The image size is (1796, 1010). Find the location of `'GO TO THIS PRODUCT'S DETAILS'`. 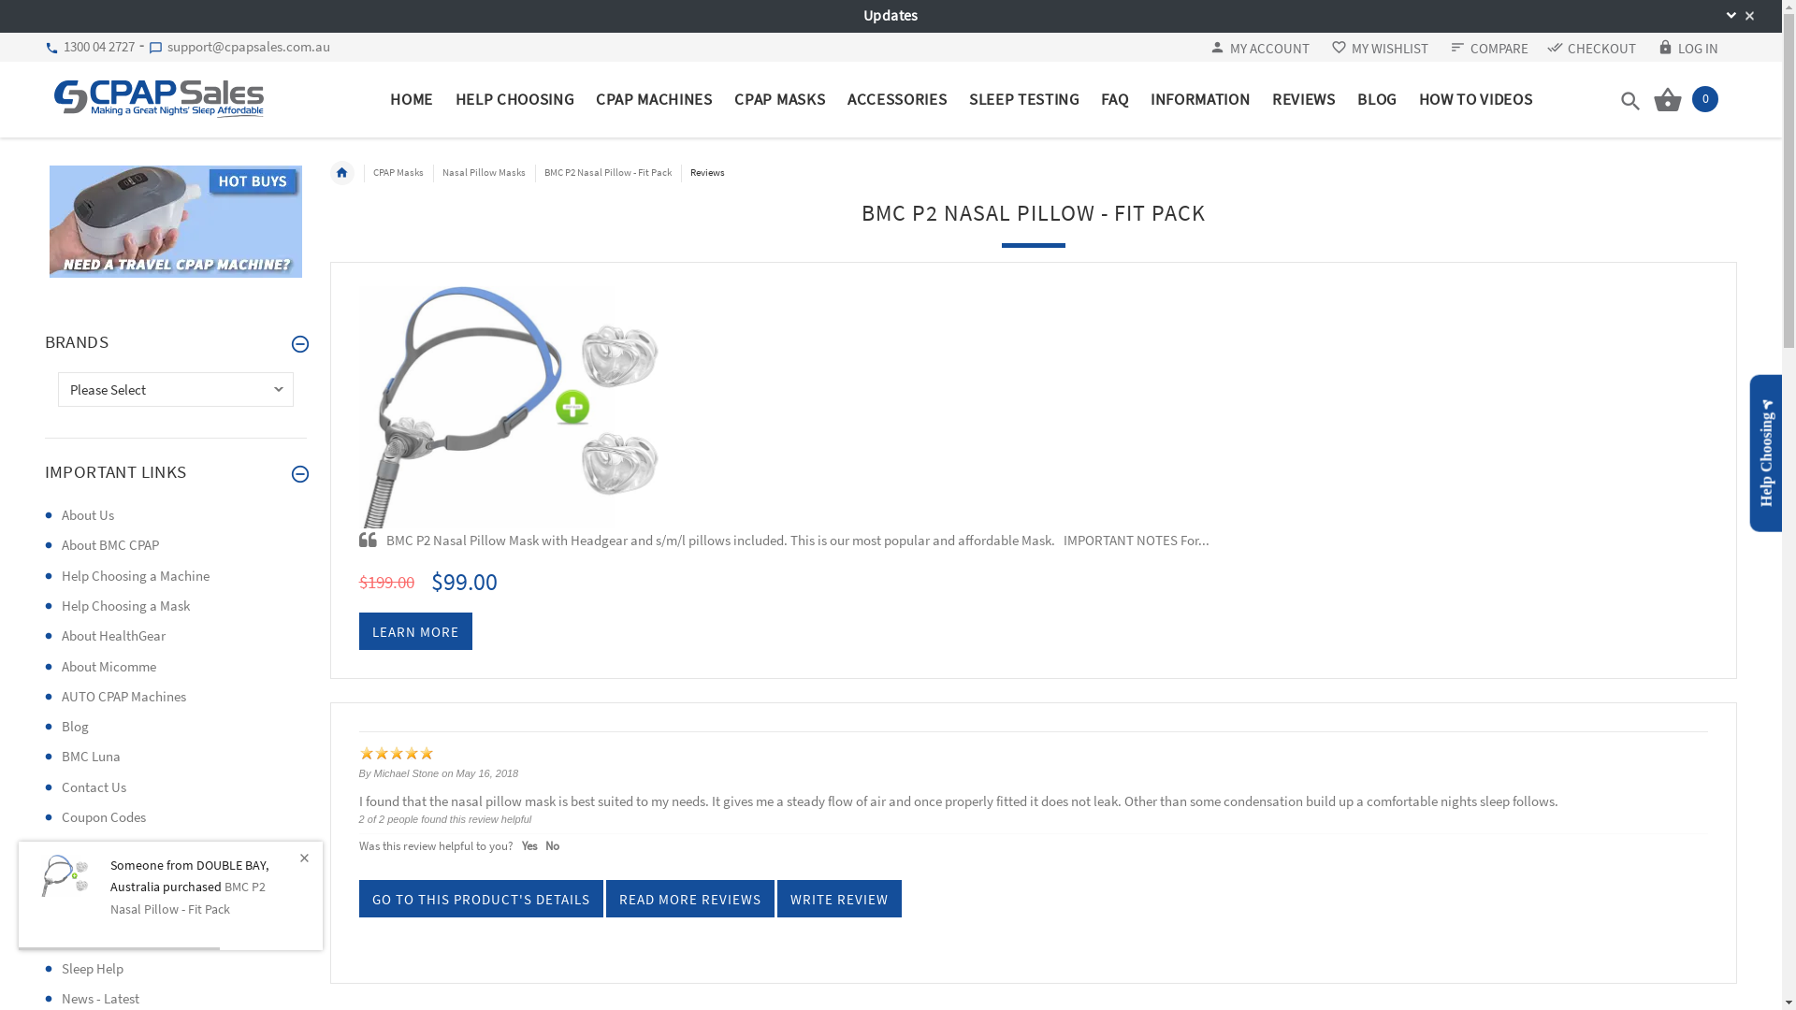

'GO TO THIS PRODUCT'S DETAILS' is located at coordinates (481, 897).